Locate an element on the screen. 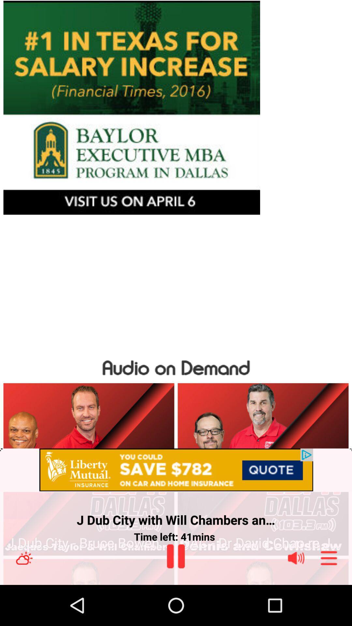  open all options is located at coordinates (329, 558).